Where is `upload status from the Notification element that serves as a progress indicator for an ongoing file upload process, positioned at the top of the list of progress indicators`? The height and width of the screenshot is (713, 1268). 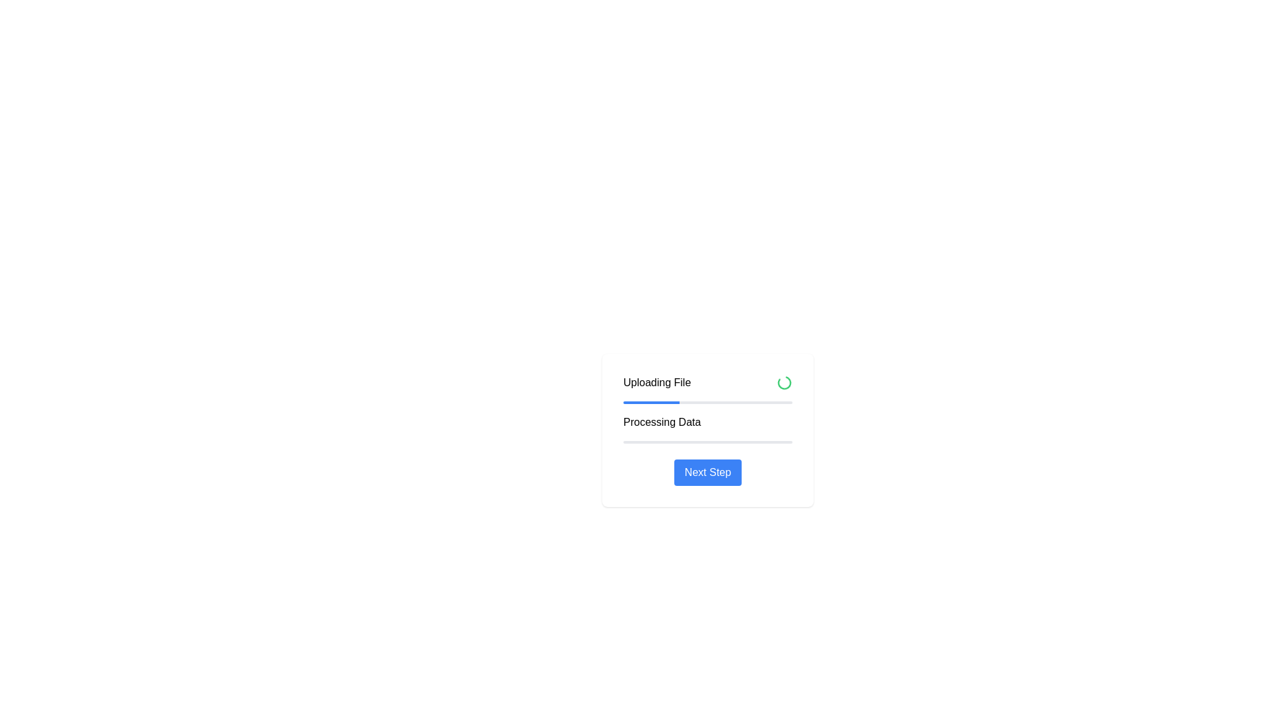 upload status from the Notification element that serves as a progress indicator for an ongoing file upload process, positioned at the top of the list of progress indicators is located at coordinates (707, 382).